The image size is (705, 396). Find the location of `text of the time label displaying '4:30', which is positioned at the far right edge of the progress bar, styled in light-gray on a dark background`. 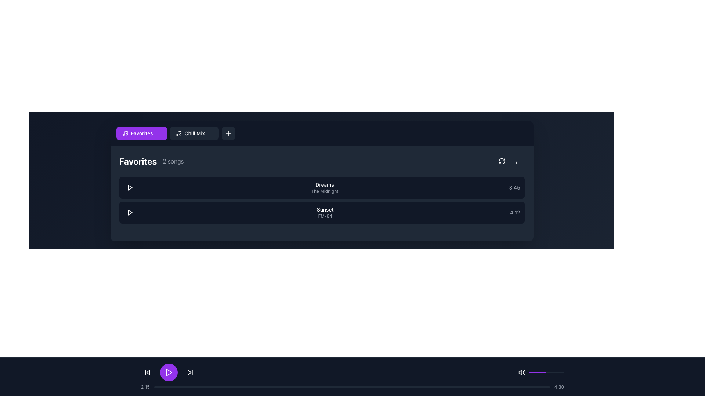

text of the time label displaying '4:30', which is positioned at the far right edge of the progress bar, styled in light-gray on a dark background is located at coordinates (558, 387).